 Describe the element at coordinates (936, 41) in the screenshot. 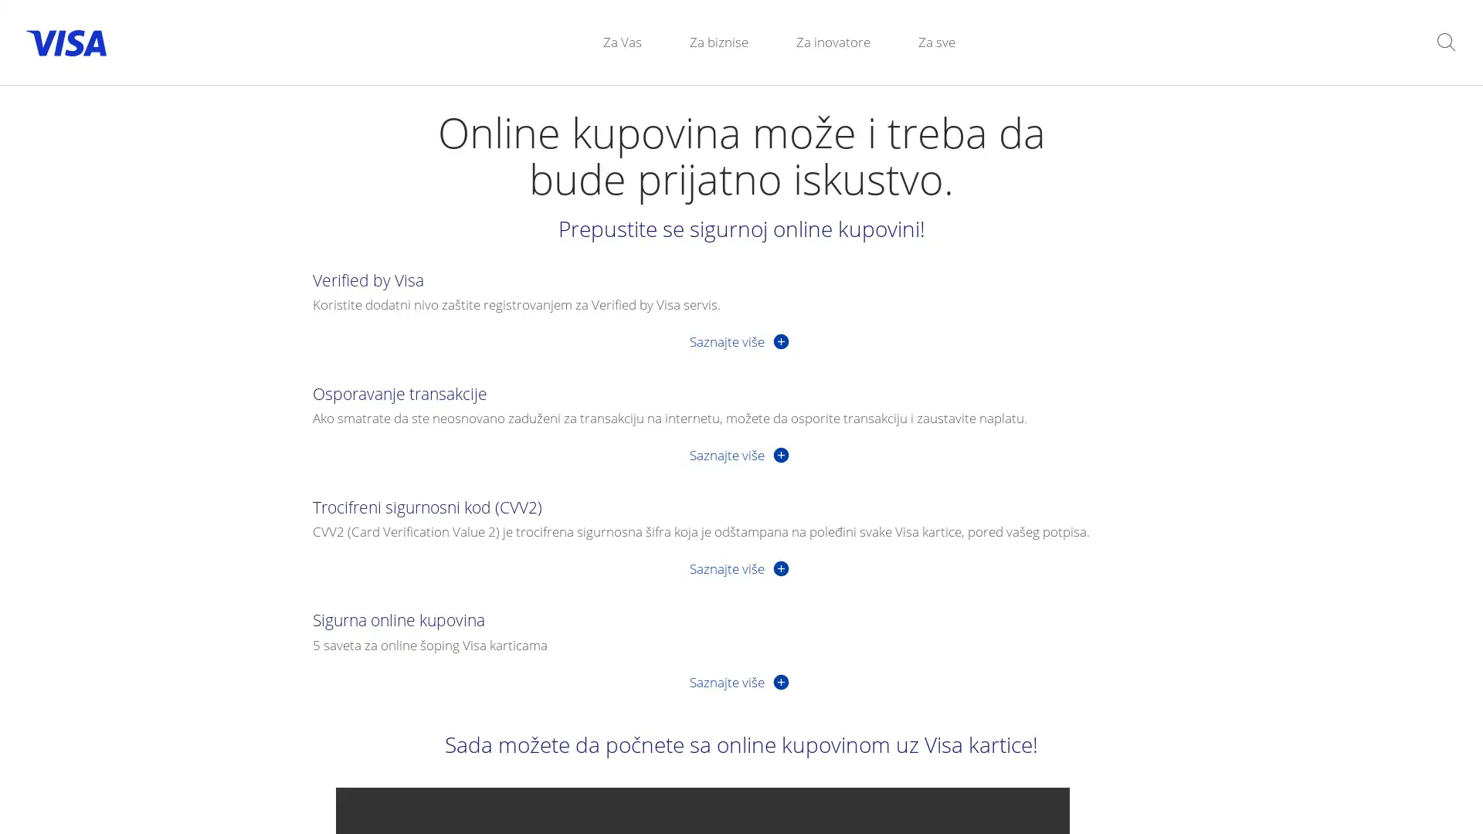

I see `Za sve` at that location.